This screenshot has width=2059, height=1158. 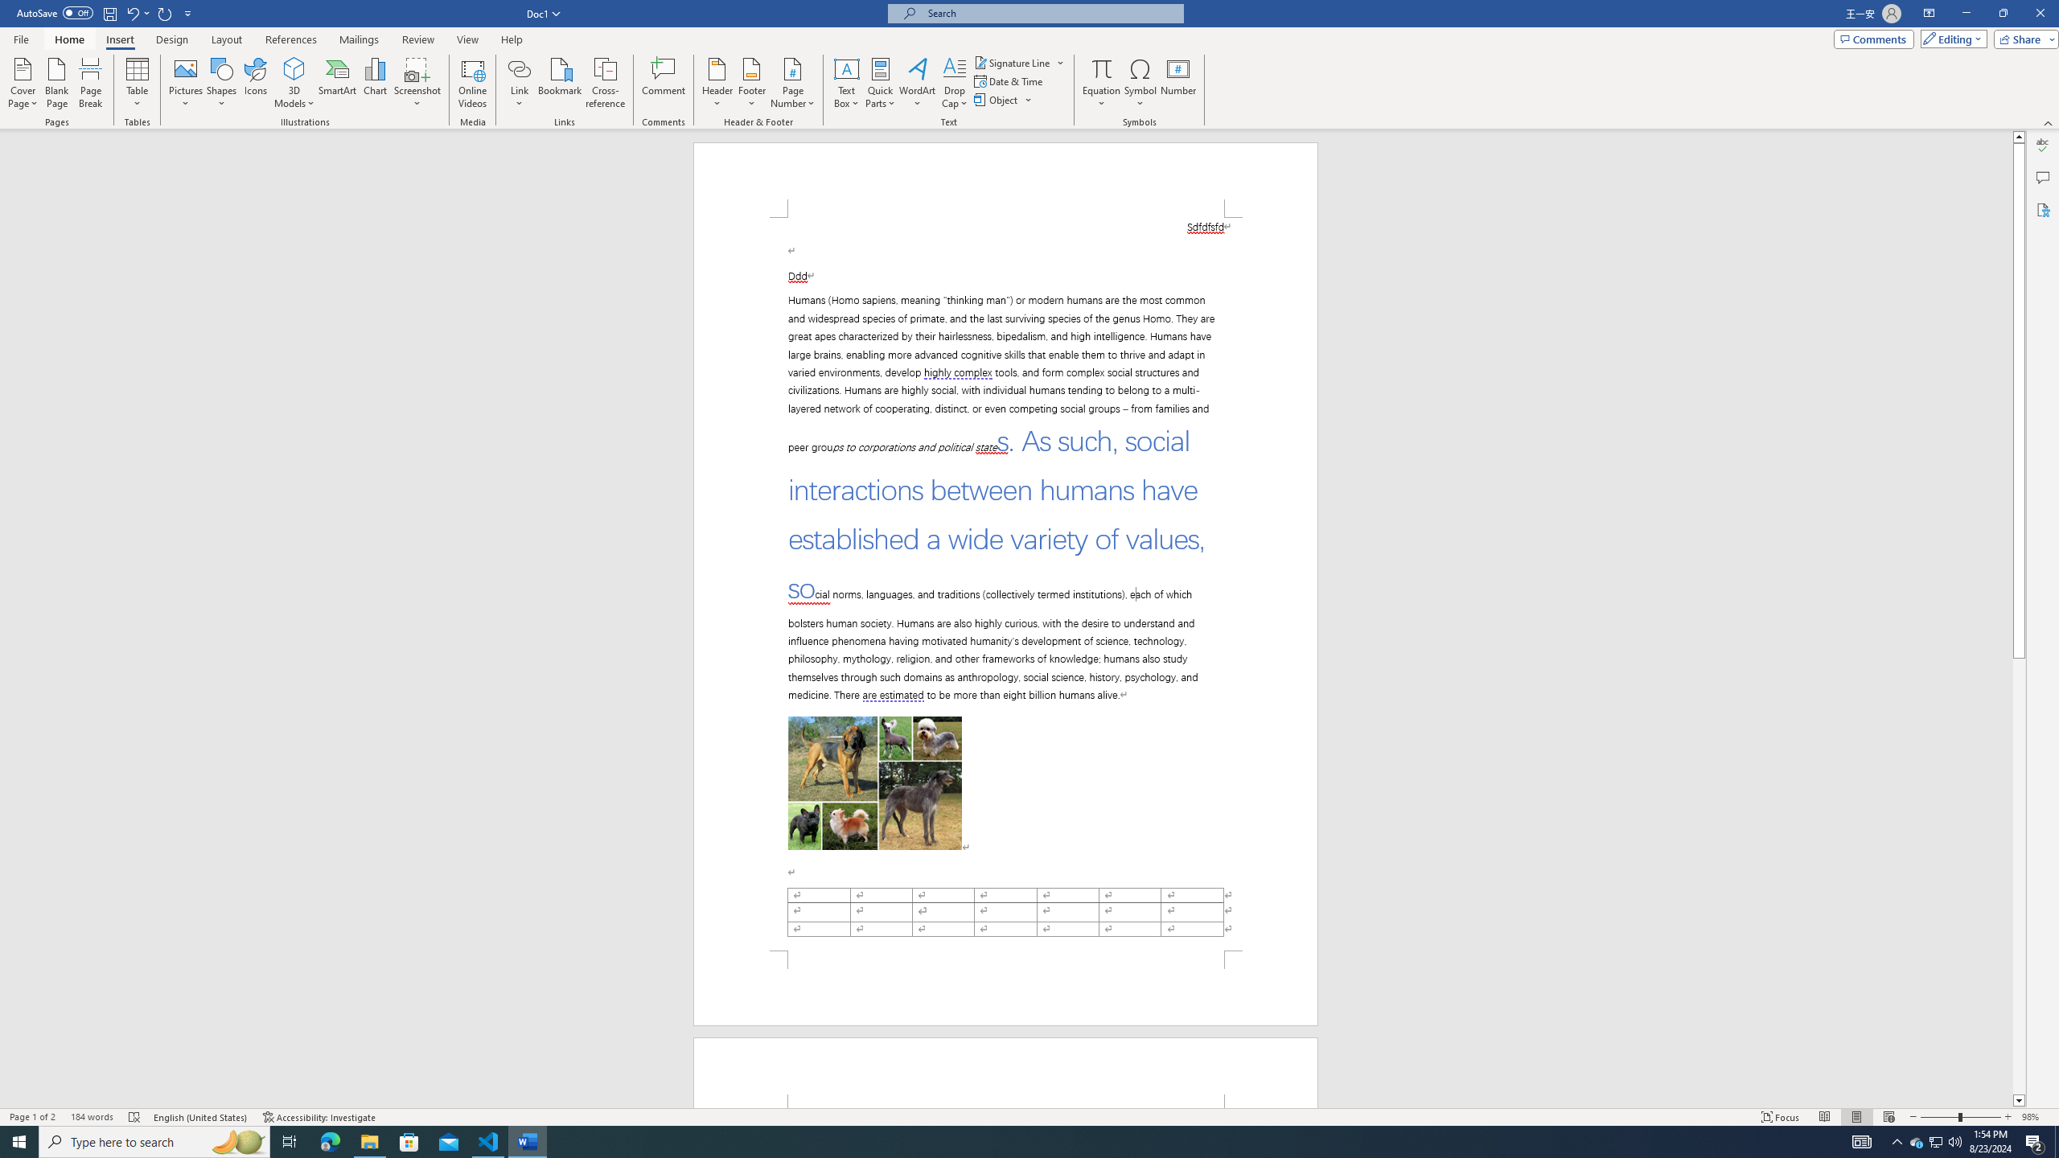 I want to click on 'Equation', so click(x=1101, y=68).